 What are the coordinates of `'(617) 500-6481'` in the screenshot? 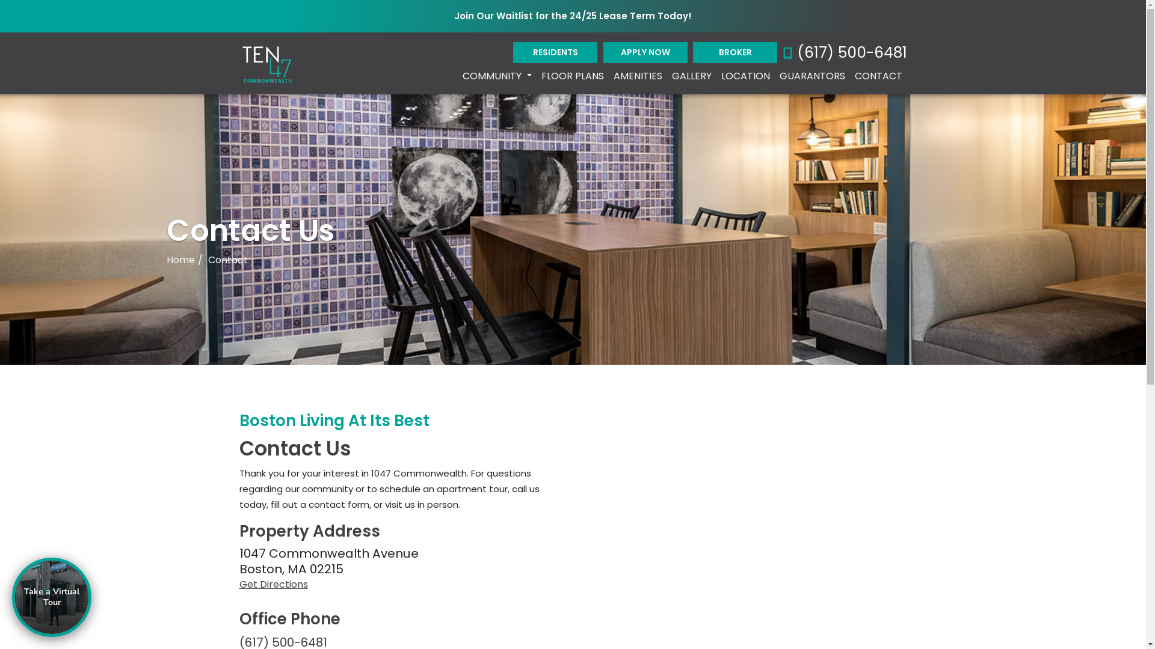 It's located at (845, 52).